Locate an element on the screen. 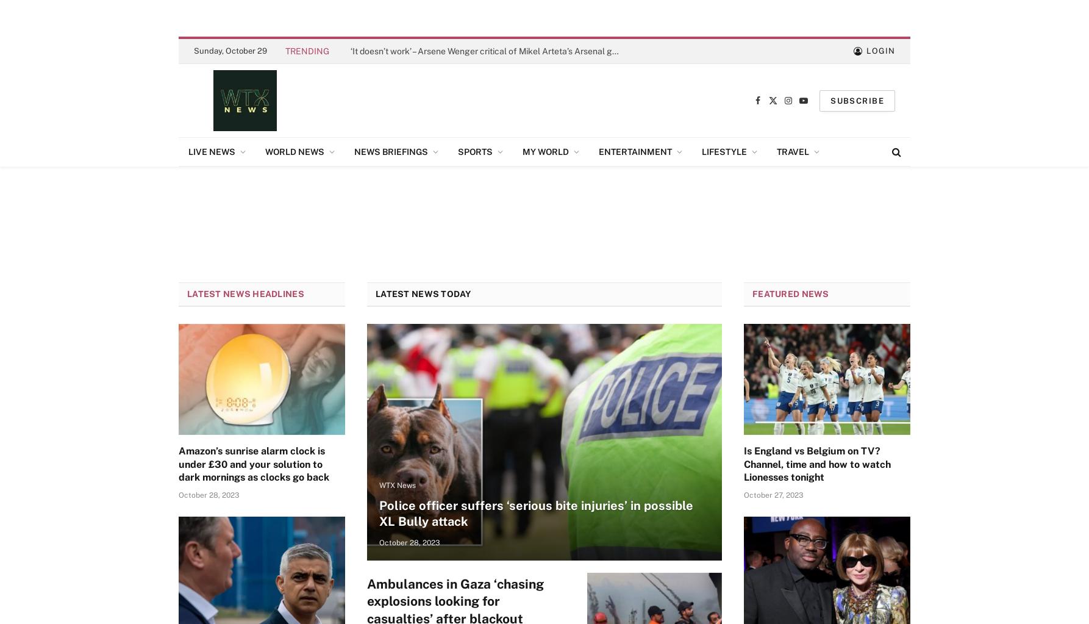  'UK News Briefing' is located at coordinates (393, 181).